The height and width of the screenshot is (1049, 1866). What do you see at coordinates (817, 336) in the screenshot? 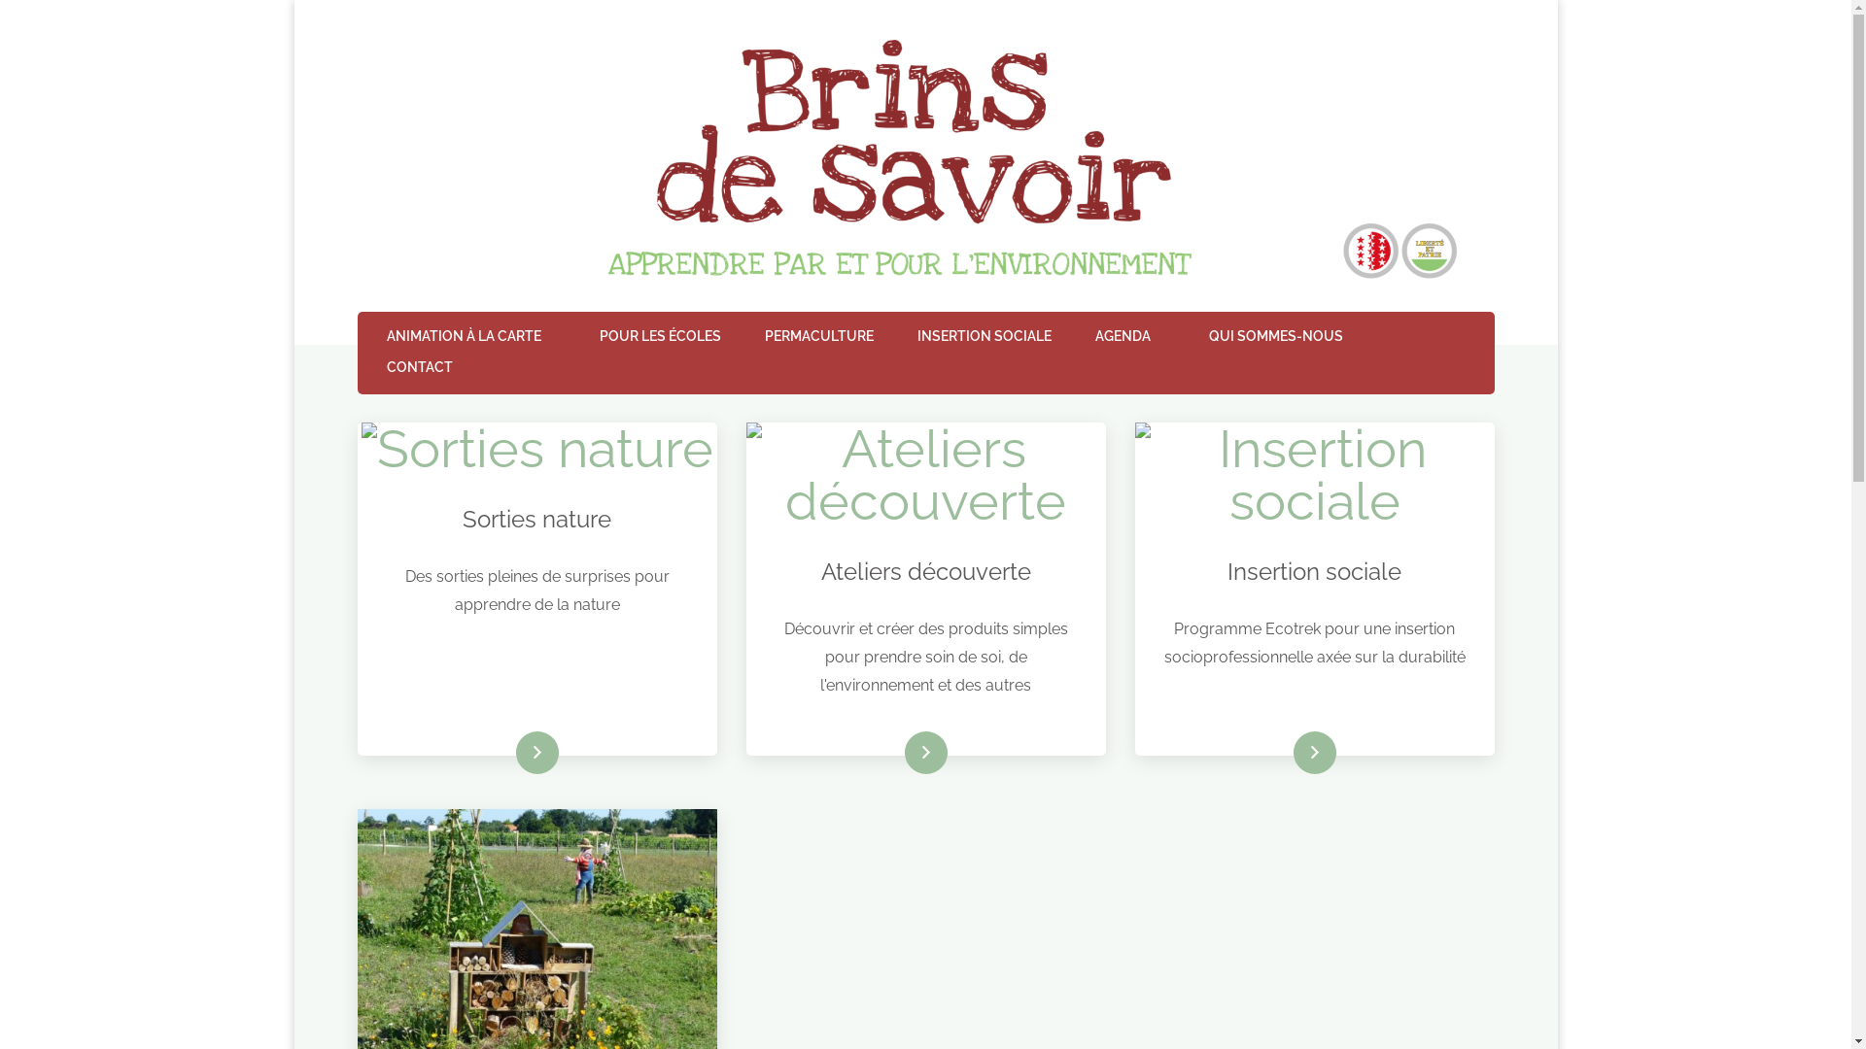
I see `'PERMACULTURE'` at bounding box center [817, 336].